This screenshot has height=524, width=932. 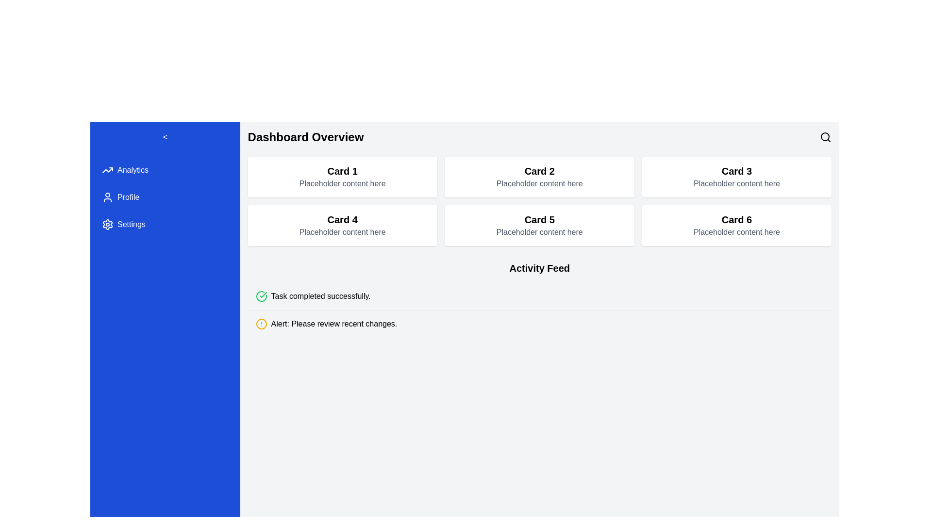 I want to click on the static text label located at the bottom of 'Card 1', which serves as descriptive or placeholder text, so click(x=342, y=183).